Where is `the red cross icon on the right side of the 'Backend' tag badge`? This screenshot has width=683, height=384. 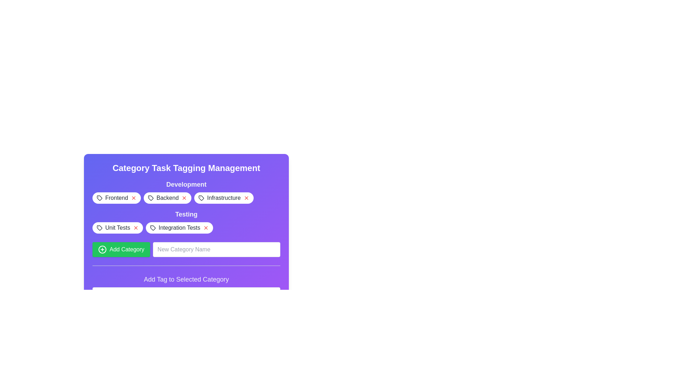 the red cross icon on the right side of the 'Backend' tag badge is located at coordinates (167, 198).